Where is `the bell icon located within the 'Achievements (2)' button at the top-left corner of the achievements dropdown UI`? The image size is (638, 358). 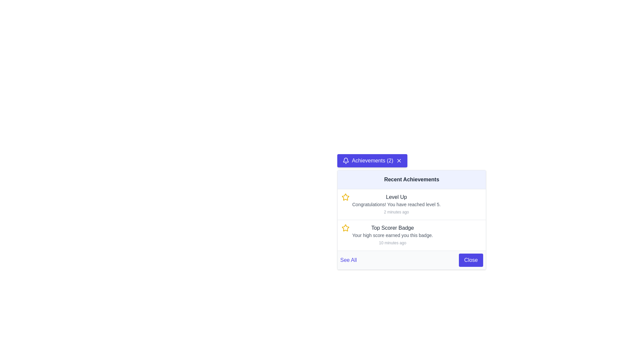 the bell icon located within the 'Achievements (2)' button at the top-left corner of the achievements dropdown UI is located at coordinates (346, 161).